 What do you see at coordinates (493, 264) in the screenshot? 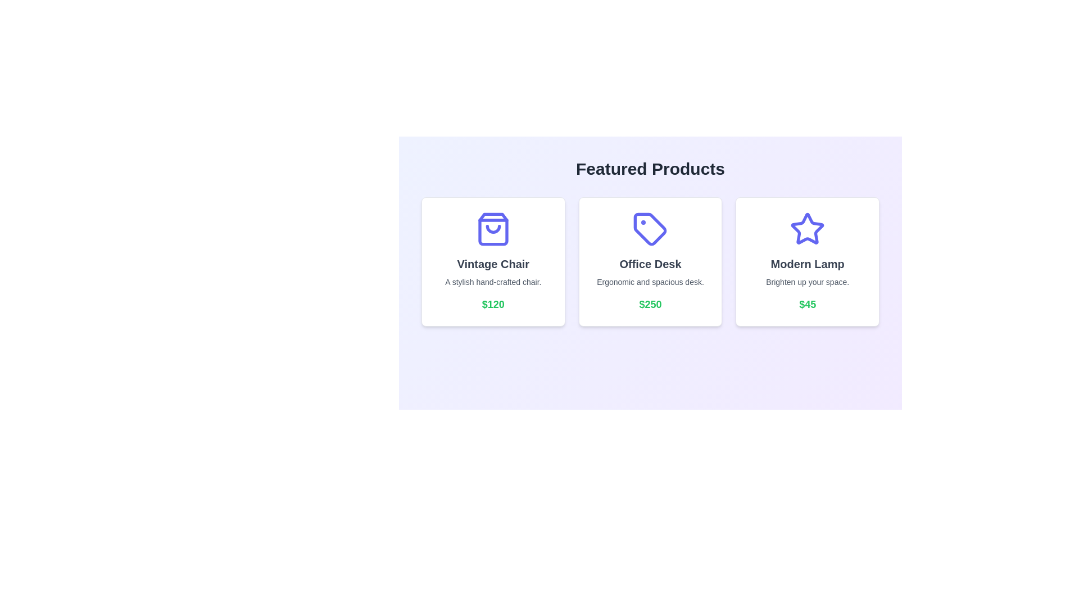
I see `text label that serves as the title for the product, which displays the name 'Vintage Chair' and is positioned above a description paragraph and below a shopping bag icon` at bounding box center [493, 264].